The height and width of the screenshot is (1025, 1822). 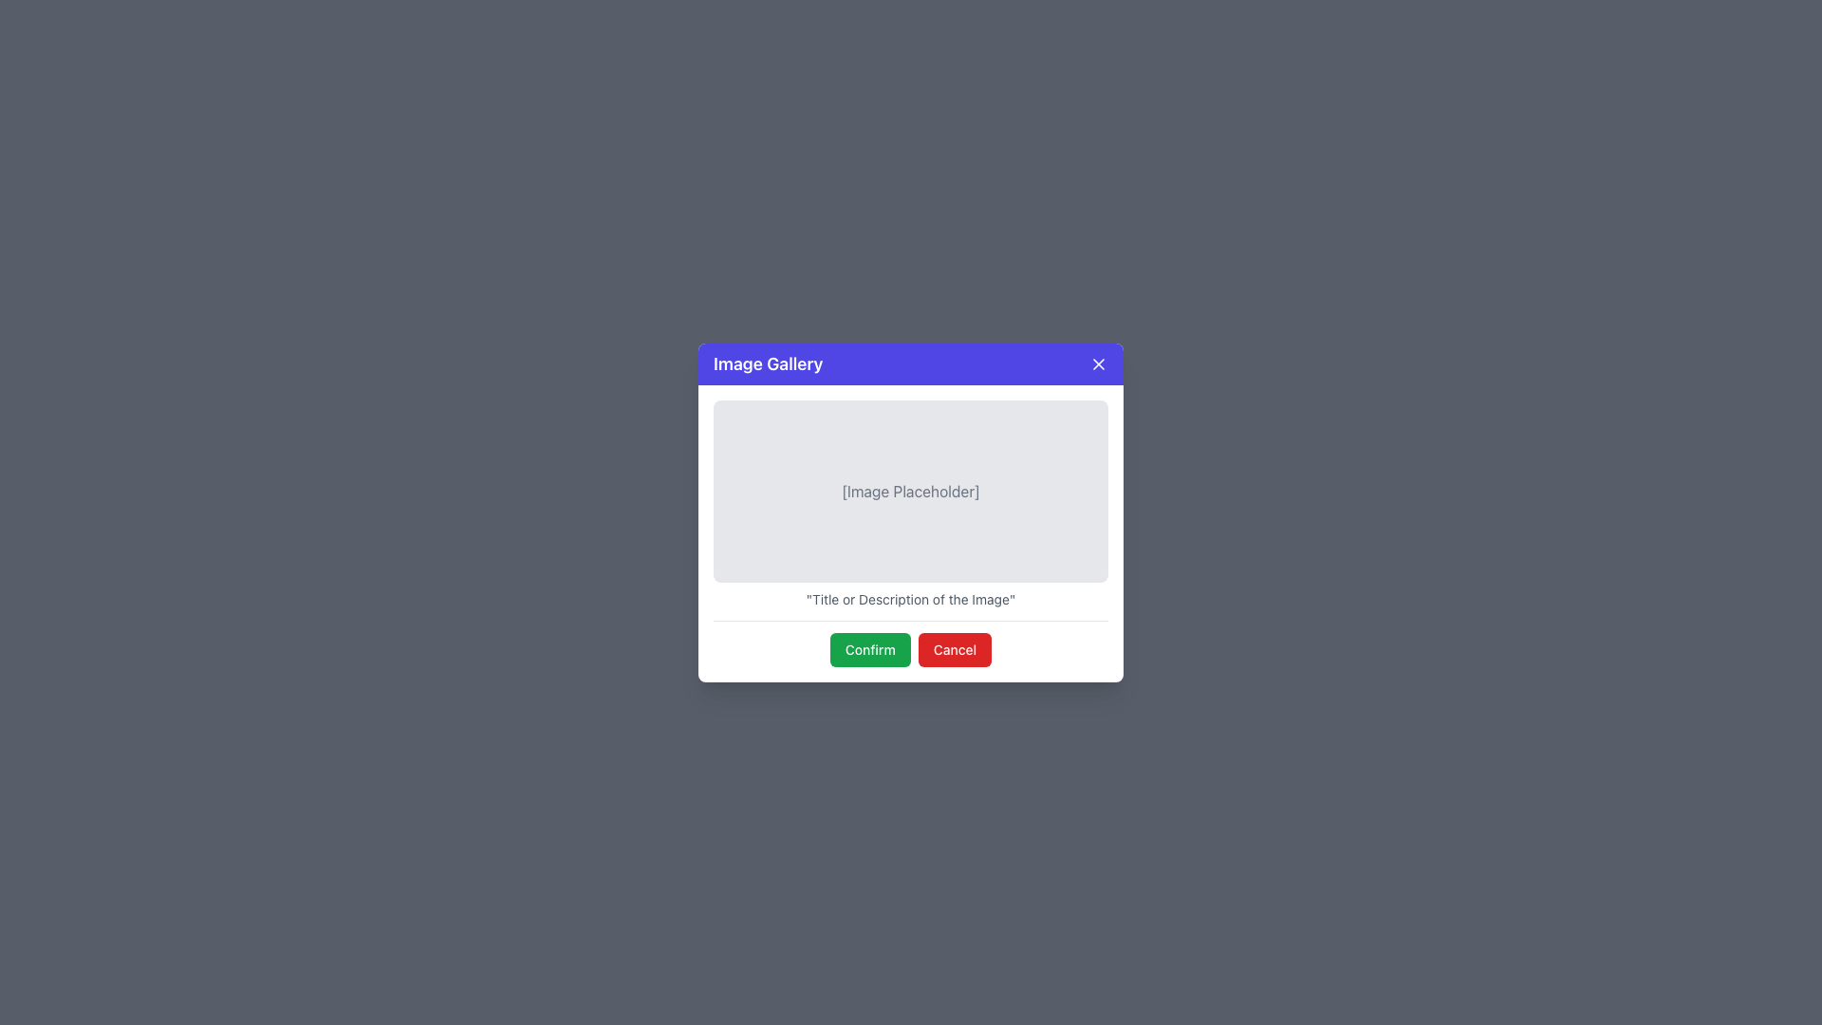 I want to click on the confirm button in the 'Image Gallery' modal, so click(x=869, y=648).